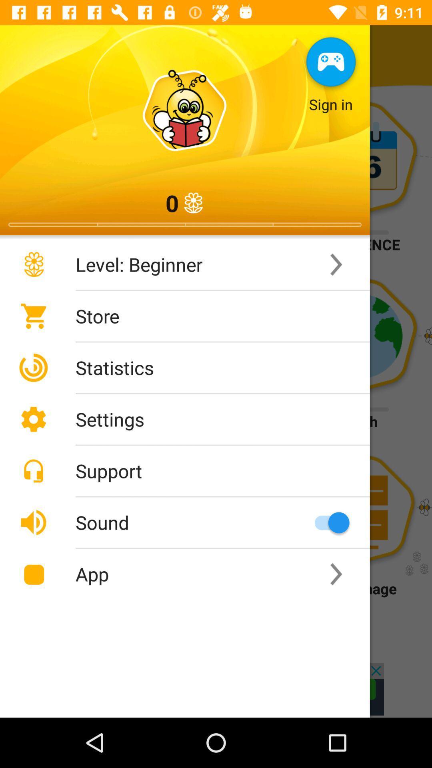 The width and height of the screenshot is (432, 768). What do you see at coordinates (336, 574) in the screenshot?
I see `the second right scroll` at bounding box center [336, 574].